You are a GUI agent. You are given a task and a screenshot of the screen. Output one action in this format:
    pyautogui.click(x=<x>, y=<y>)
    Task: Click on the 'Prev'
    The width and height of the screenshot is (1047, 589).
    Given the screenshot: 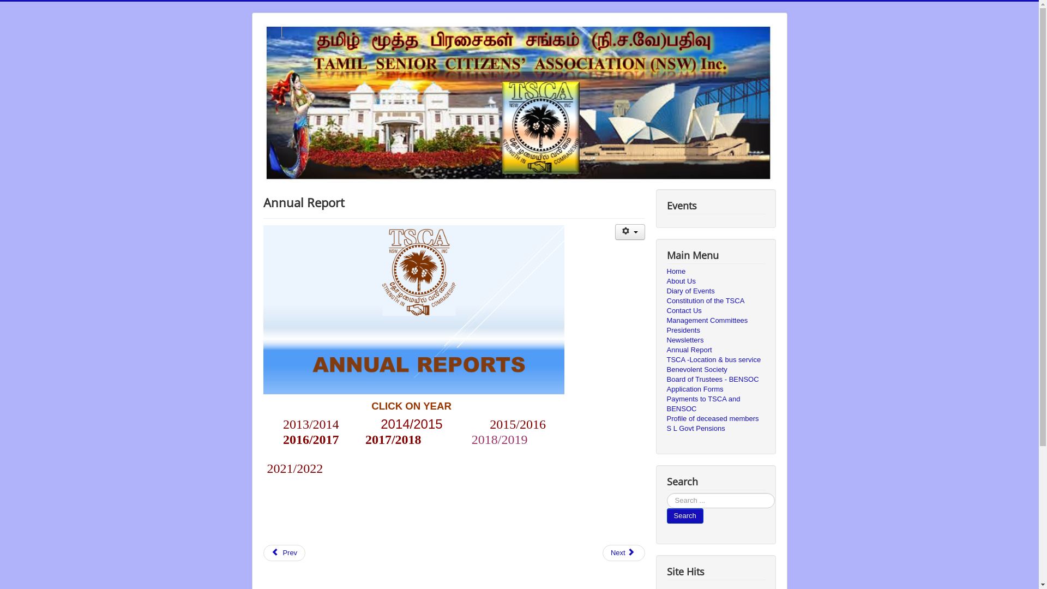 What is the action you would take?
    pyautogui.click(x=284, y=553)
    